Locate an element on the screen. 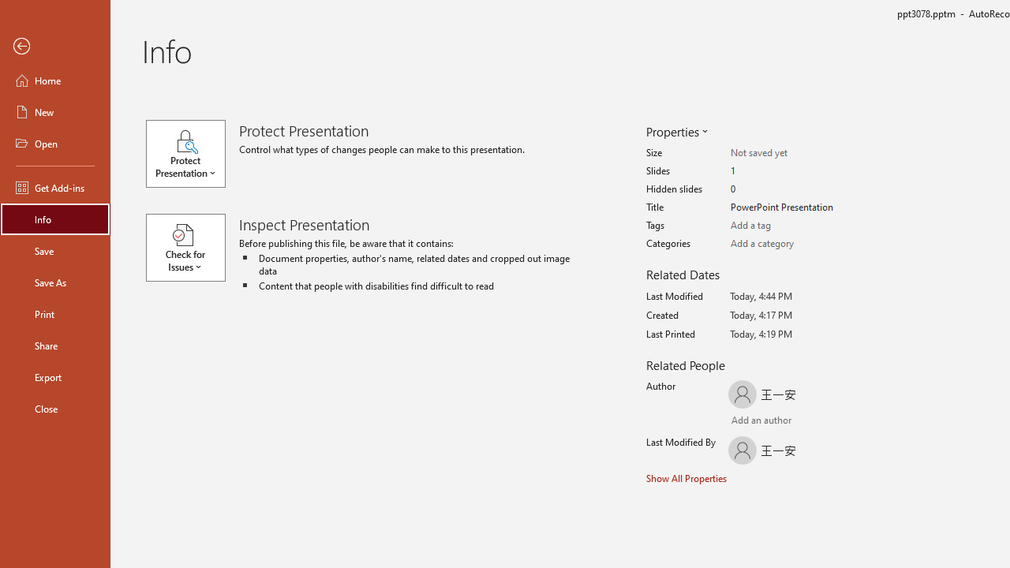  'Show All Properties' is located at coordinates (687, 477).